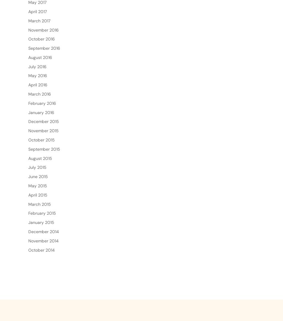  What do you see at coordinates (41, 131) in the screenshot?
I see `'January 2016'` at bounding box center [41, 131].